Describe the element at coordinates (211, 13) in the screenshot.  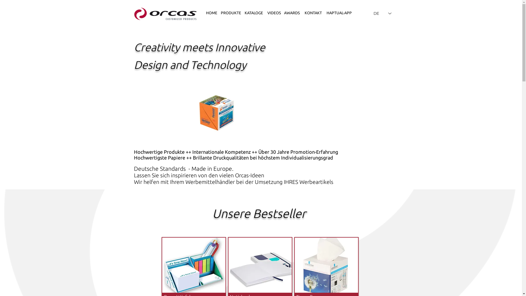
I see `'HOME'` at that location.